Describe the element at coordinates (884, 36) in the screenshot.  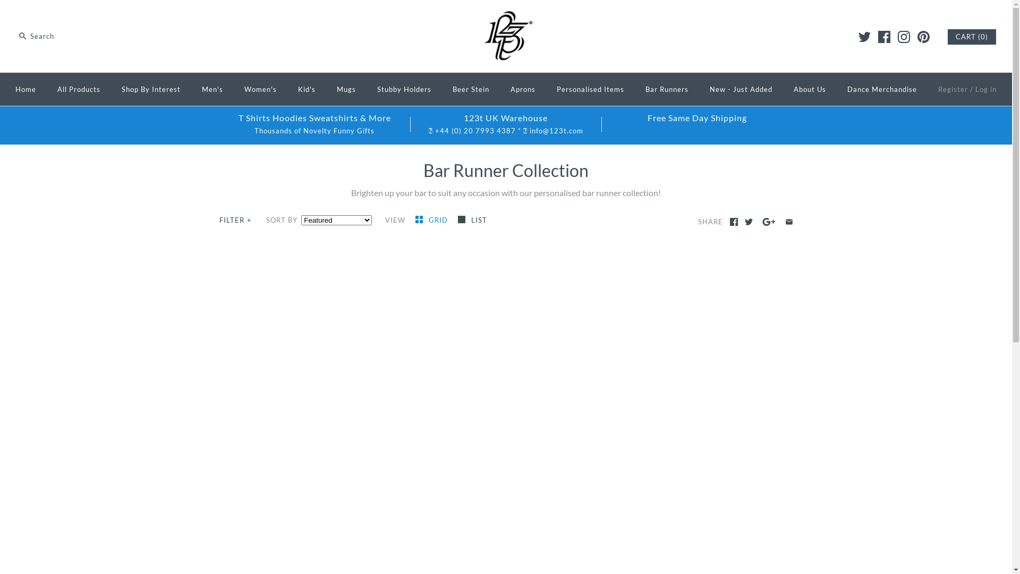
I see `'Facebook'` at that location.